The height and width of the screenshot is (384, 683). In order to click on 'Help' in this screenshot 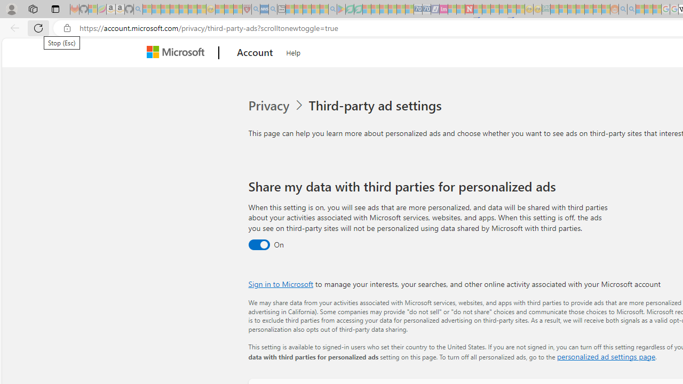, I will do `click(293, 51)`.